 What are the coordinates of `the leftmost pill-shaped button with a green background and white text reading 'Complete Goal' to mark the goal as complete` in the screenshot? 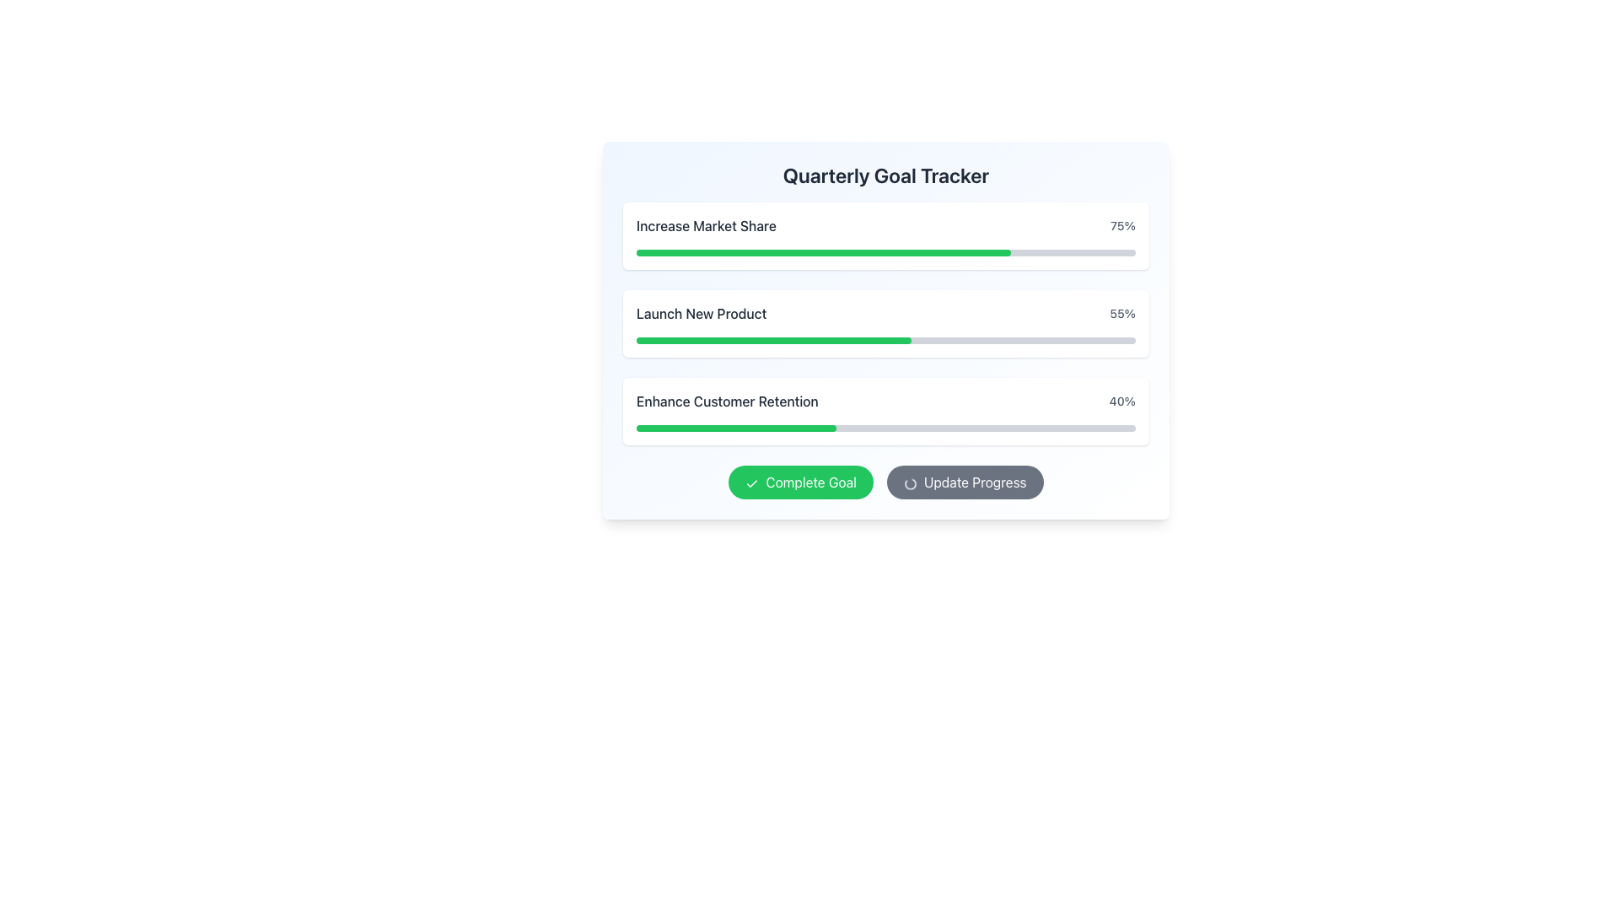 It's located at (800, 482).